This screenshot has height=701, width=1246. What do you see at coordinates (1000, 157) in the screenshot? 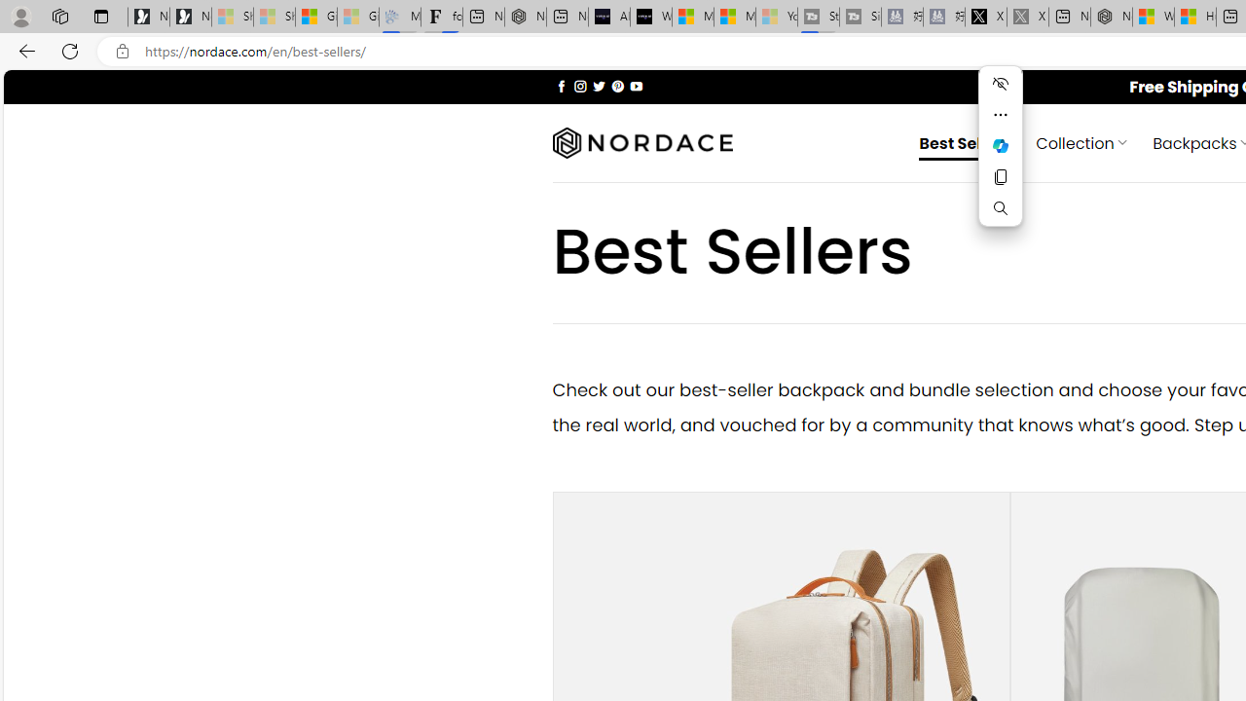
I see `'Mini menu on text selection'` at bounding box center [1000, 157].